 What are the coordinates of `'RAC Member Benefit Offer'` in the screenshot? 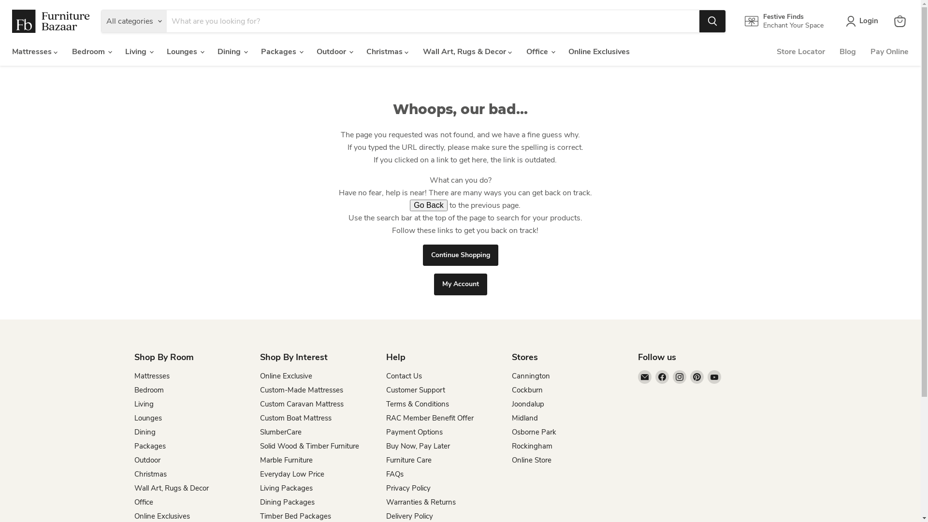 It's located at (429, 417).